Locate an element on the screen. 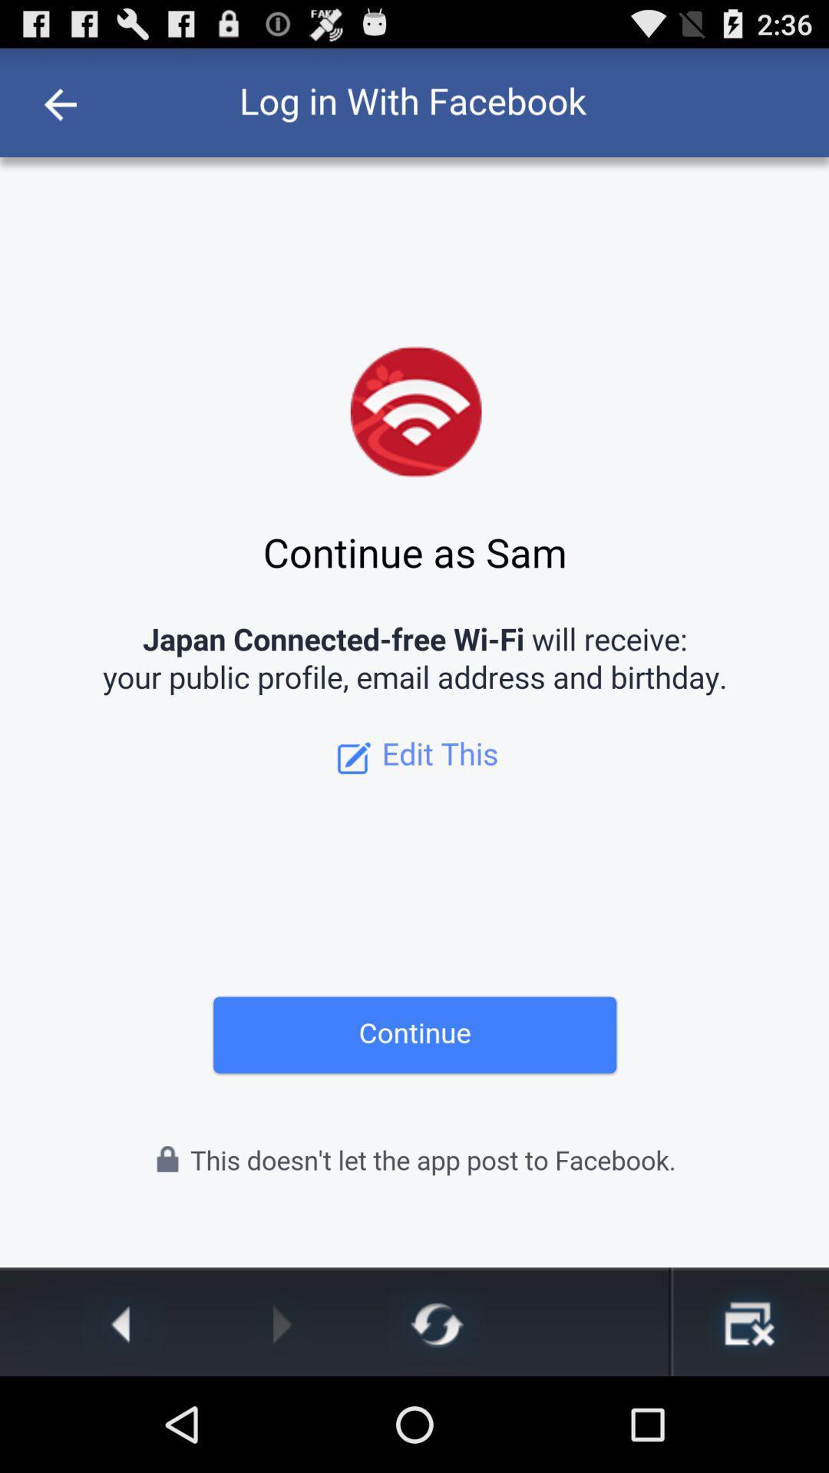  the refresh icon is located at coordinates (436, 1416).